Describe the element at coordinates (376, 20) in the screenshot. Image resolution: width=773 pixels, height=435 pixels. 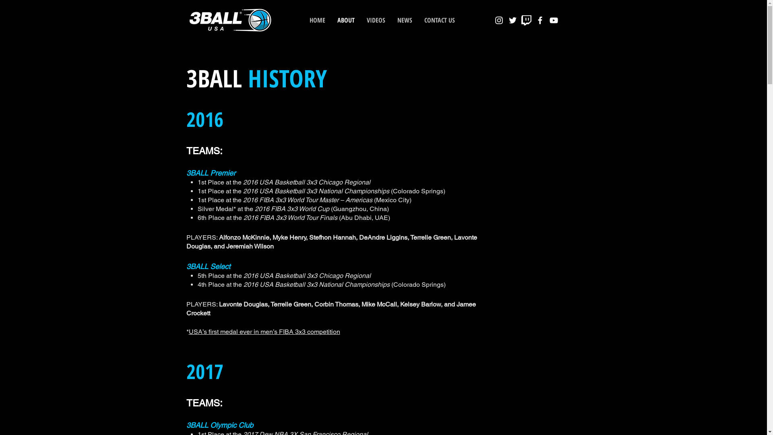
I see `'VIDEOS'` at that location.